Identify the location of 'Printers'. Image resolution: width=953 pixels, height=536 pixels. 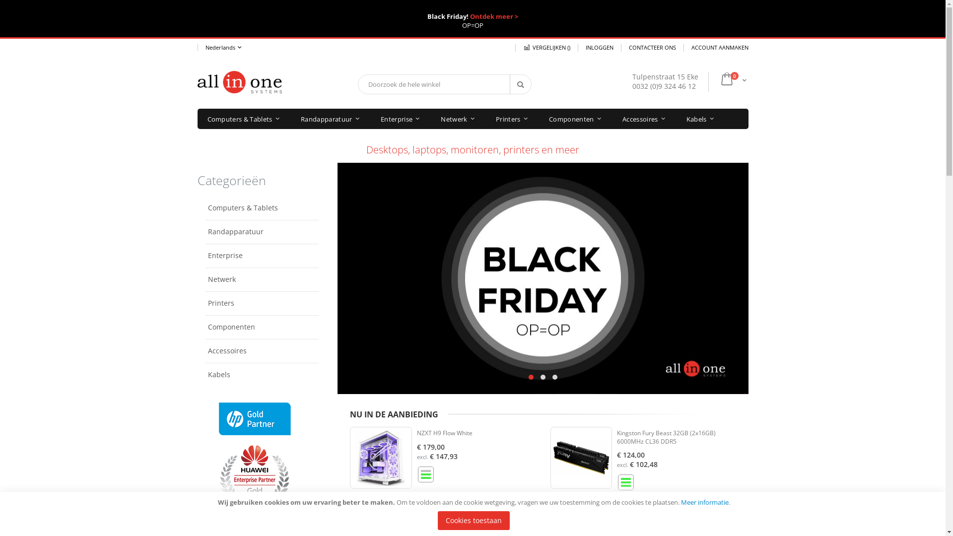
(512, 118).